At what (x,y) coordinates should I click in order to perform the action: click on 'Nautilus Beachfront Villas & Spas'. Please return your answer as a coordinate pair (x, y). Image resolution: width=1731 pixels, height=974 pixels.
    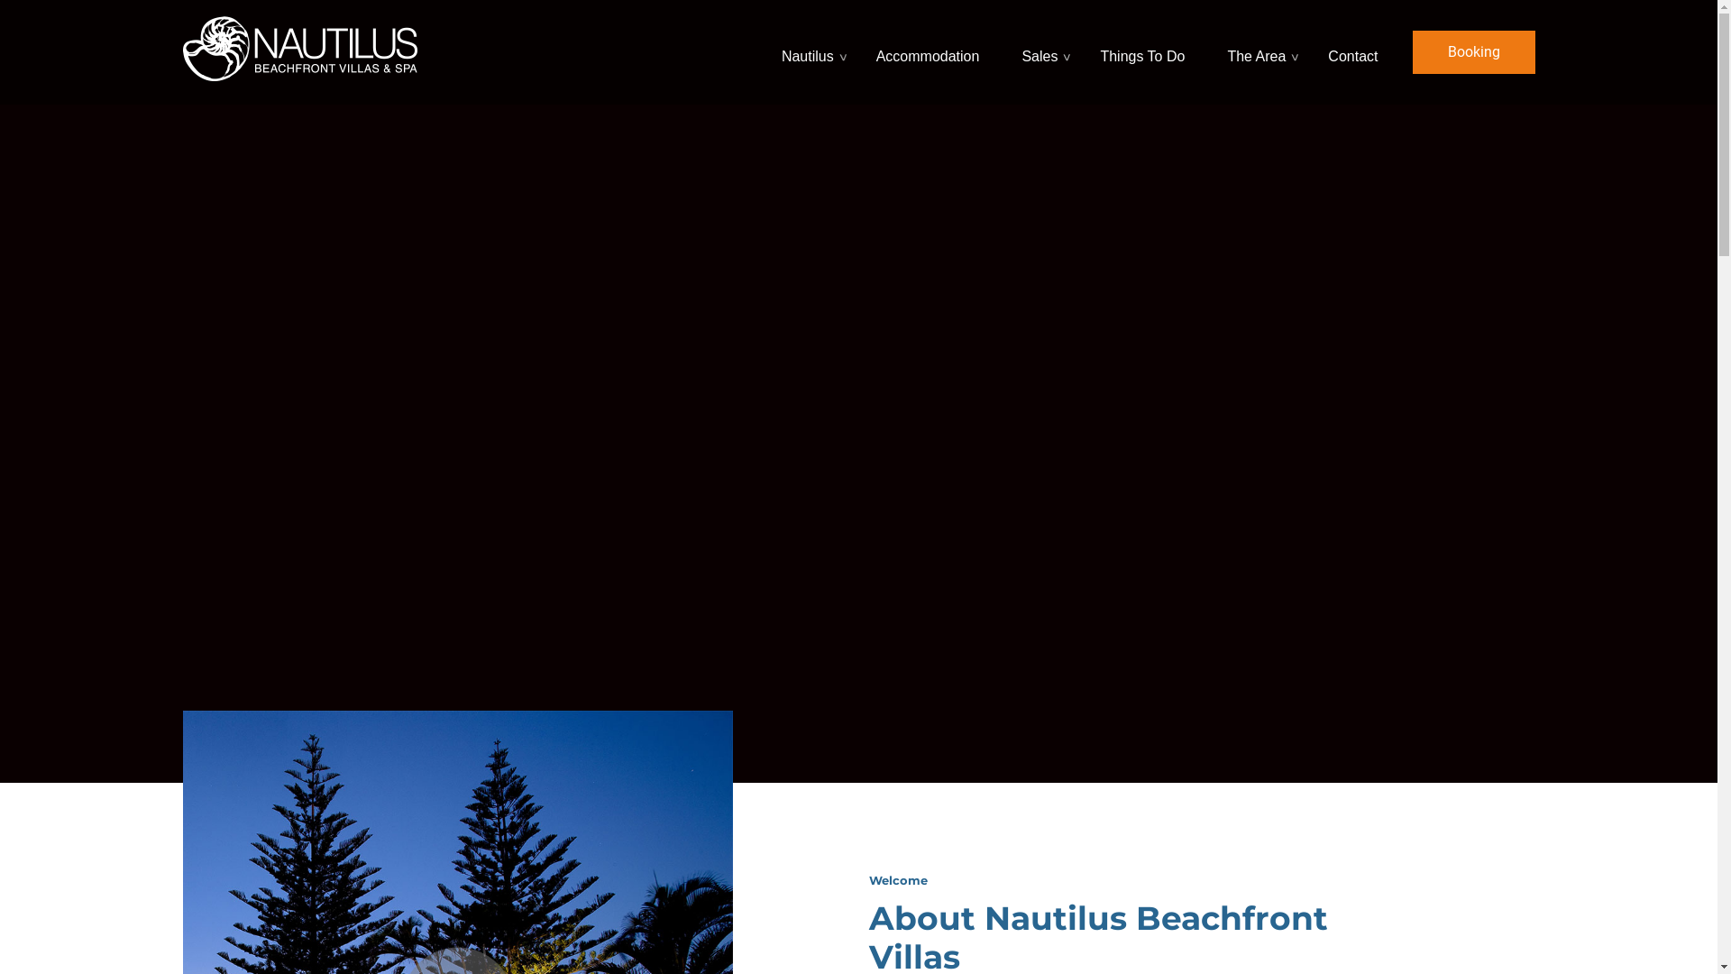
    Looking at the image, I should click on (298, 45).